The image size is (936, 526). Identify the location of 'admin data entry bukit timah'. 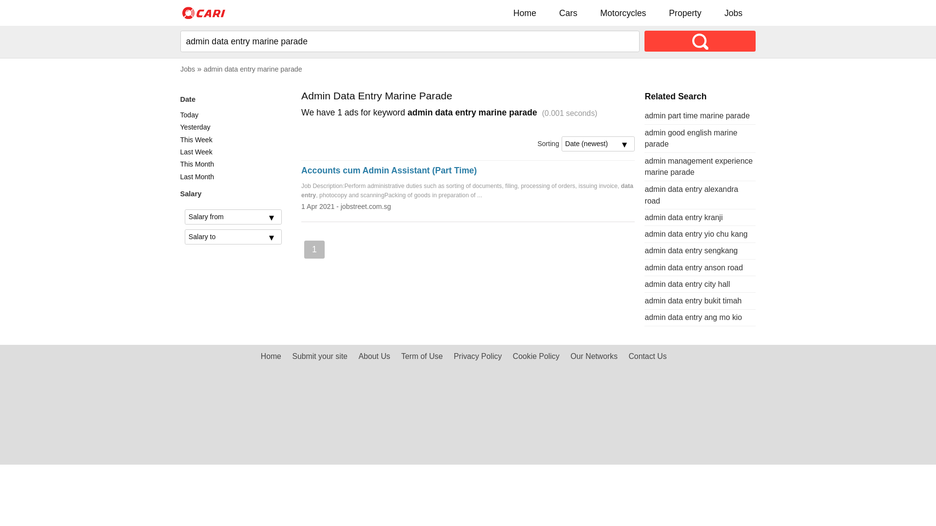
(692, 300).